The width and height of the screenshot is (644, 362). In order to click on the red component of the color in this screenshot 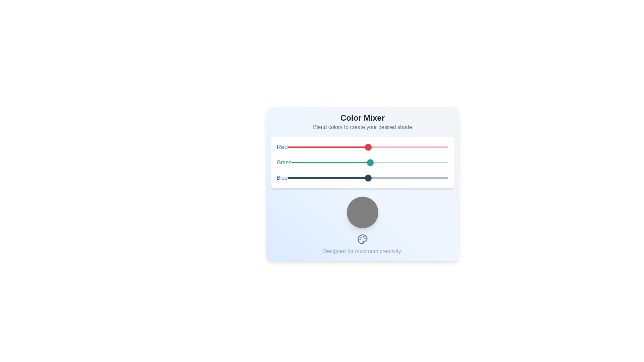, I will do `click(369, 147)`.